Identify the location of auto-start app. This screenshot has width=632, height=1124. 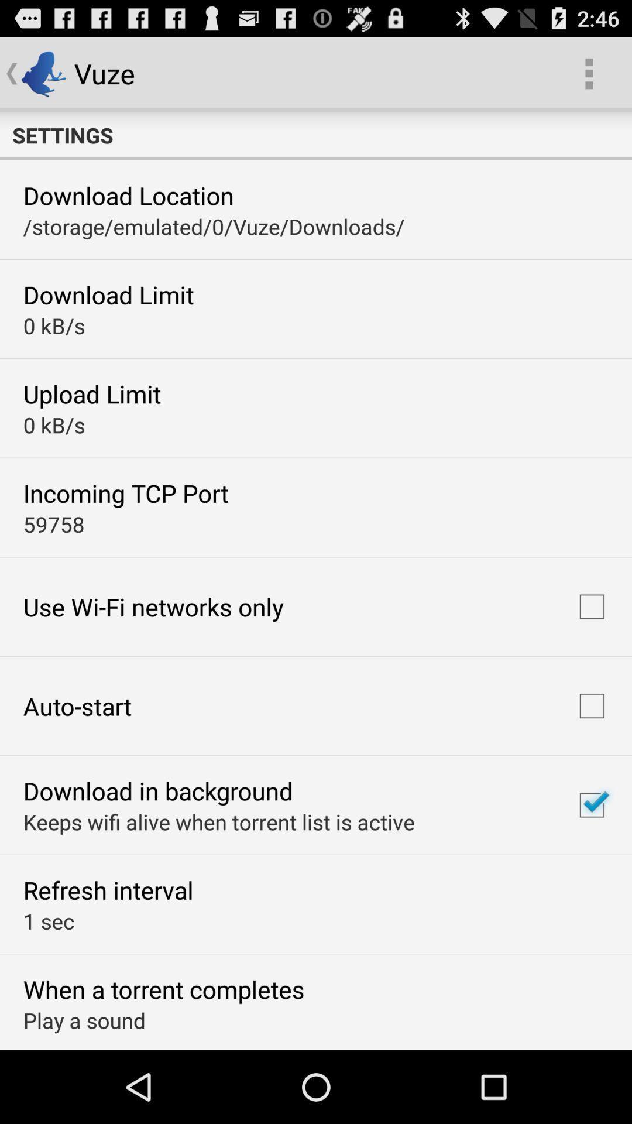
(77, 705).